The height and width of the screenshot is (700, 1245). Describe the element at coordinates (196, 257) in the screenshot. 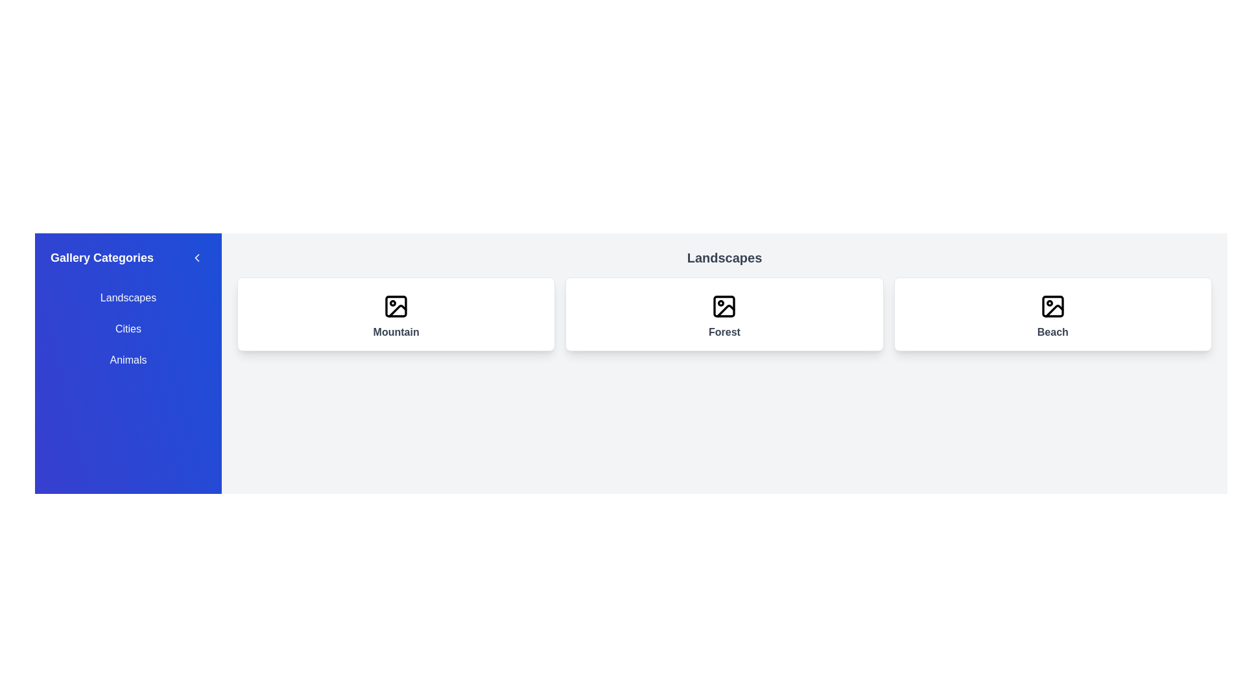

I see `the chevron icon located at the top-right corner of the sidebar` at that location.